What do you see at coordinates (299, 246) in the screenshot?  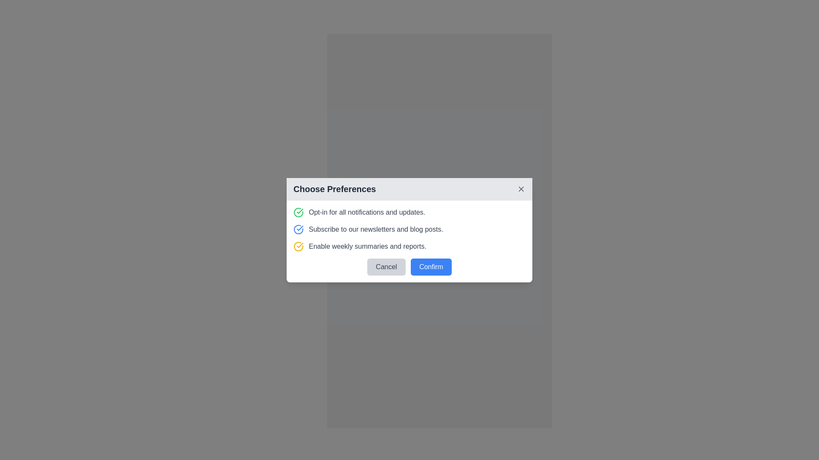 I see `the third icon in the list of preference options indicating the selection status for 'Enable weekly summaries and reports' in the modal window labeled 'Choose Preferences'` at bounding box center [299, 246].